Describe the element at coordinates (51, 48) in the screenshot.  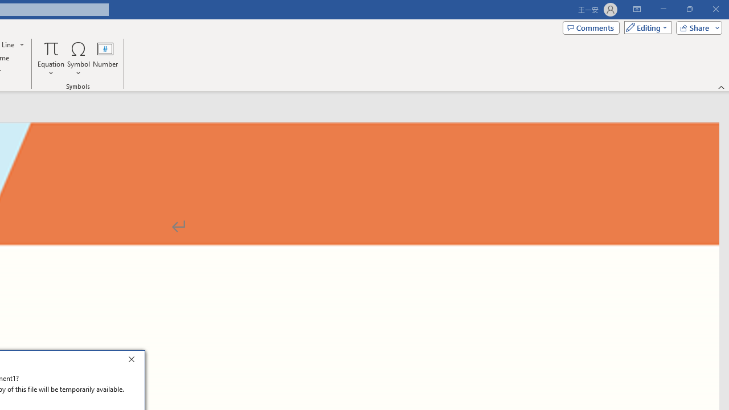
I see `'Equation'` at that location.